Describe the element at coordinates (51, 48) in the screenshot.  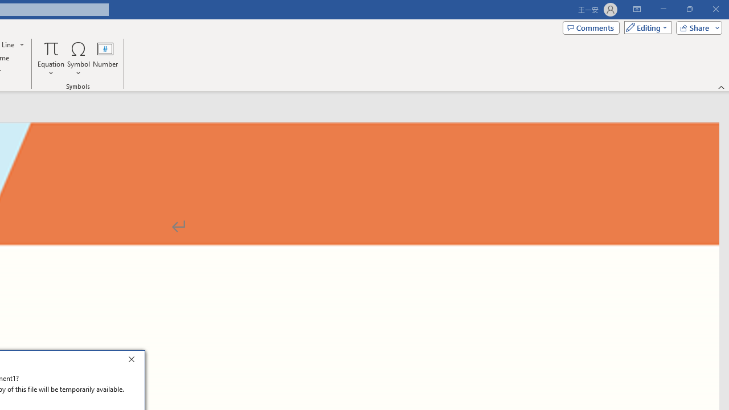
I see `'Equation'` at that location.